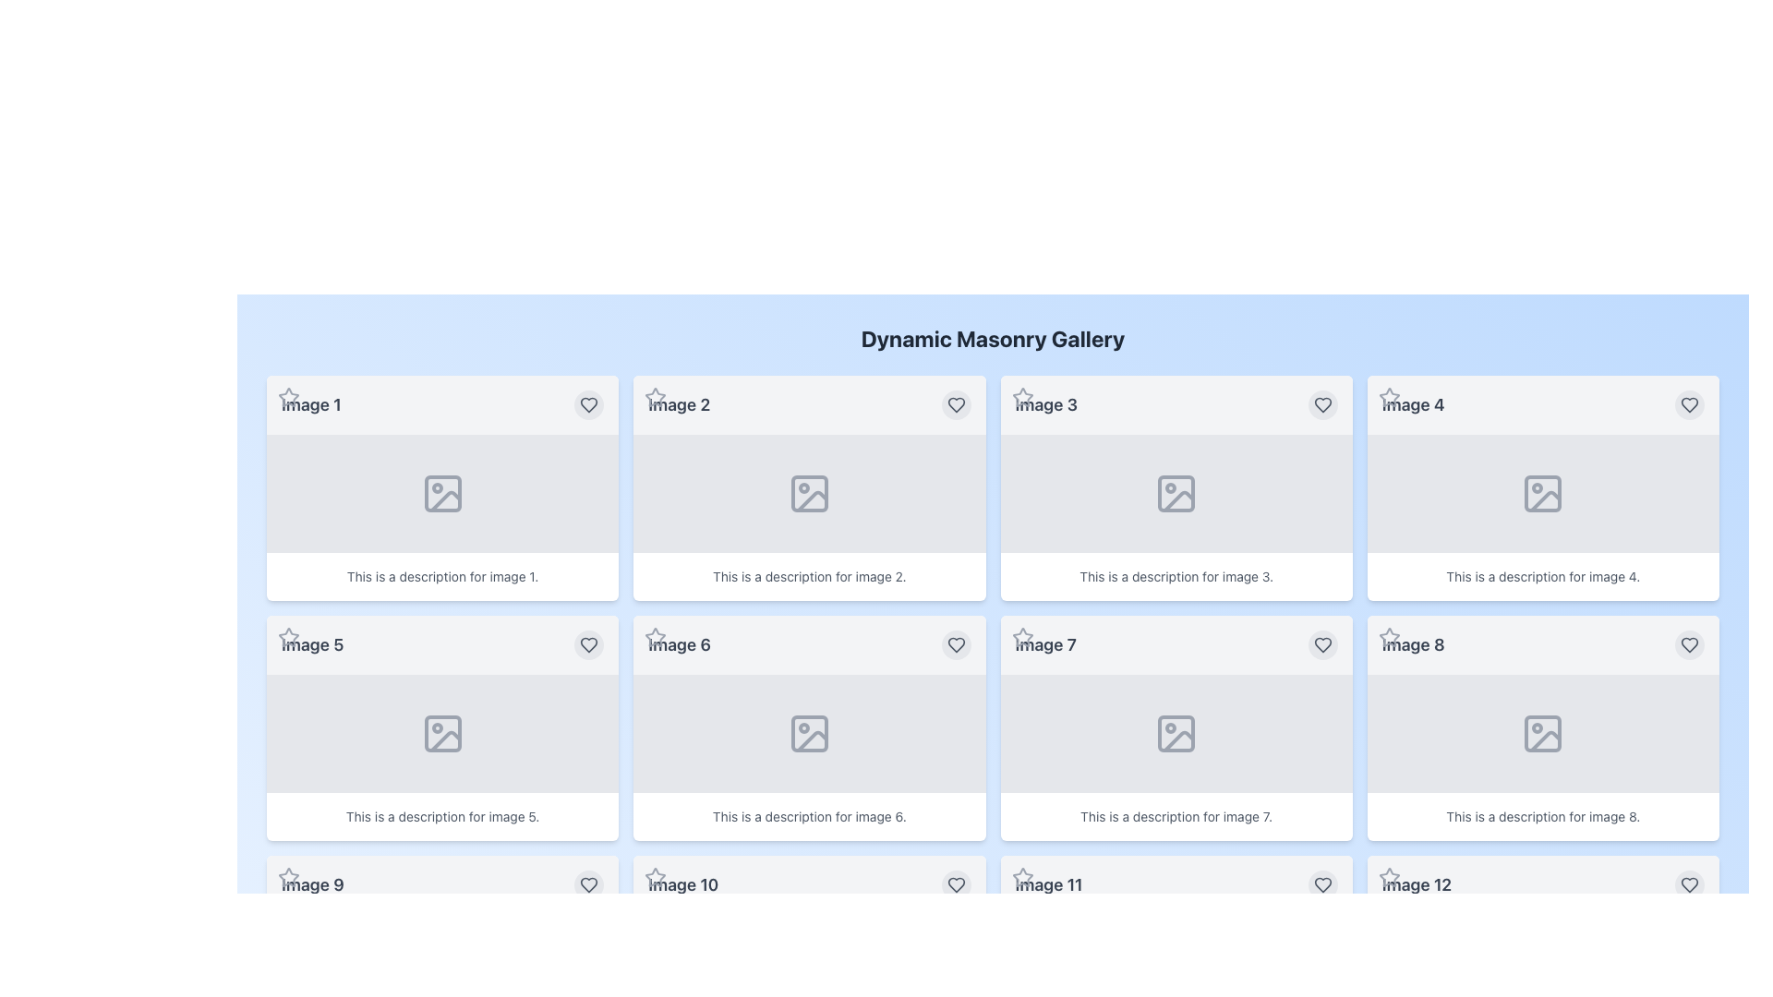 The image size is (1773, 997). Describe the element at coordinates (1389, 396) in the screenshot. I see `the star icon located to the left of the title text in the card labeled 'Image 4' to mark the item as a favorite` at that location.